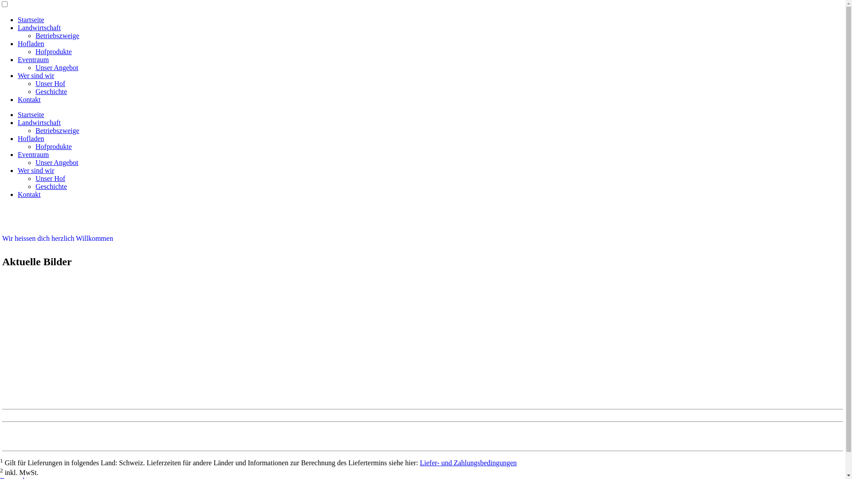 Image resolution: width=852 pixels, height=479 pixels. Describe the element at coordinates (57, 130) in the screenshot. I see `'Betriebszweige'` at that location.